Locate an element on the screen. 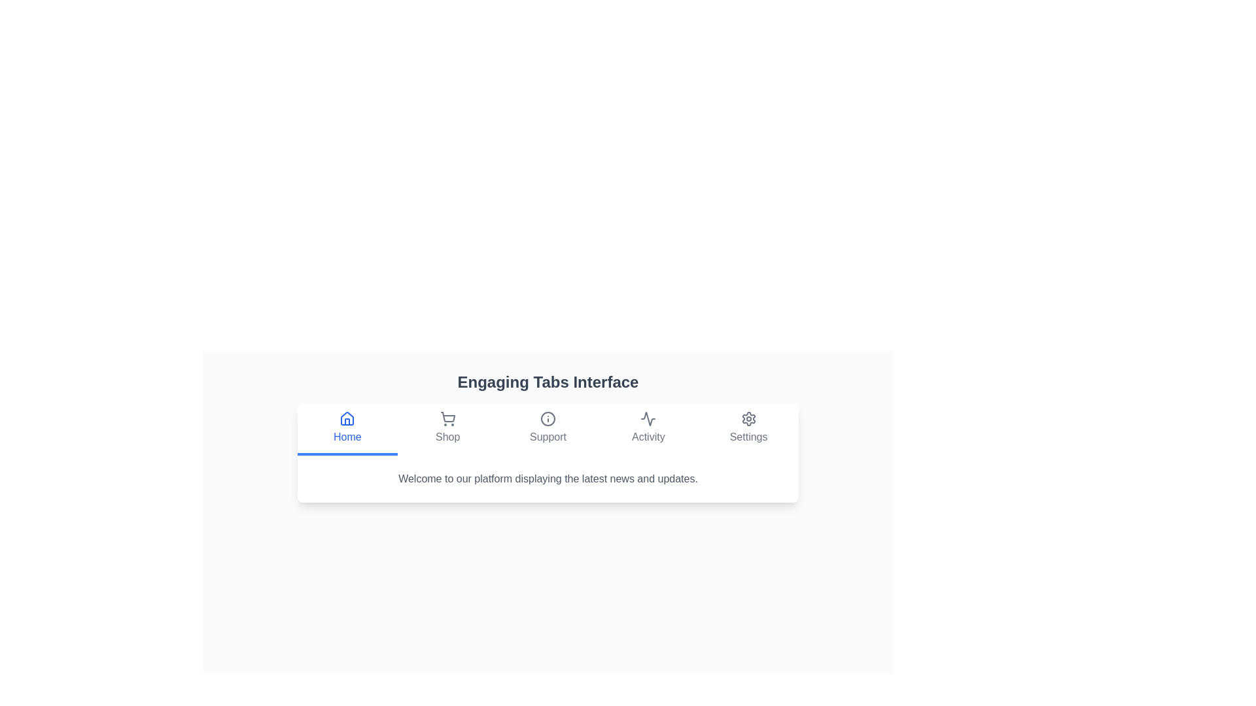 The image size is (1256, 706). the 'Home' text label, which is styled in blue font and located below a house icon in the navigation bar is located at coordinates (347, 437).